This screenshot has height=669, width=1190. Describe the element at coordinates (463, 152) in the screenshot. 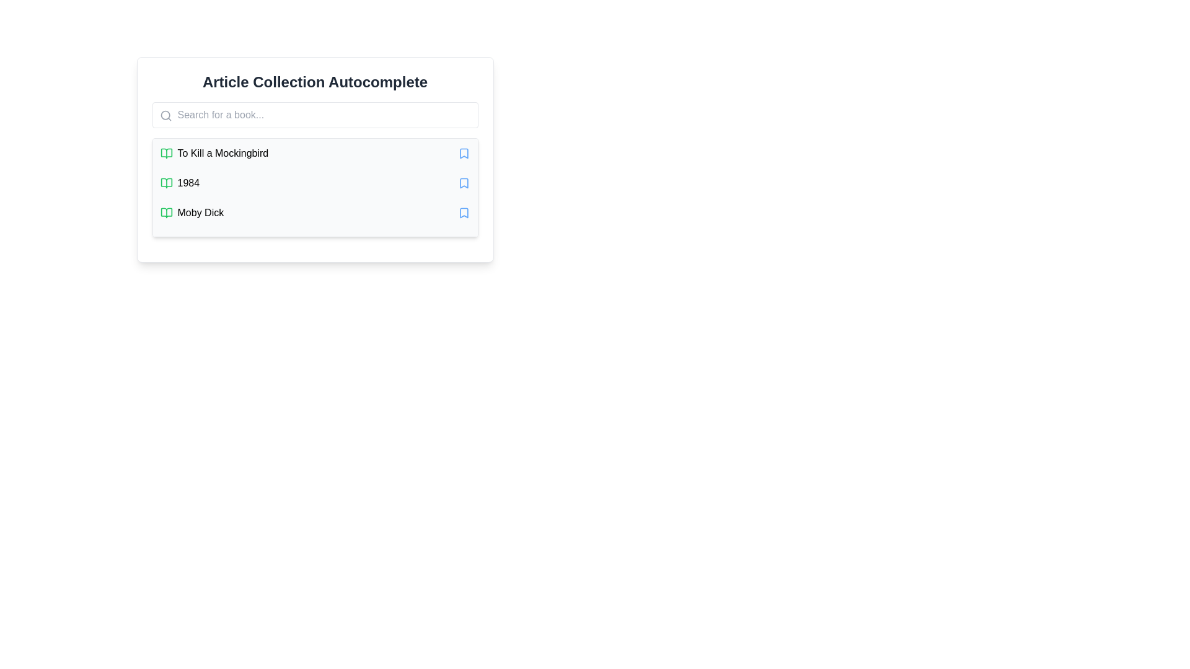

I see `the blue bookmark icon located to the right of 'To Kill a Mockingbird', which is slightly above the other bookmark icons` at that location.